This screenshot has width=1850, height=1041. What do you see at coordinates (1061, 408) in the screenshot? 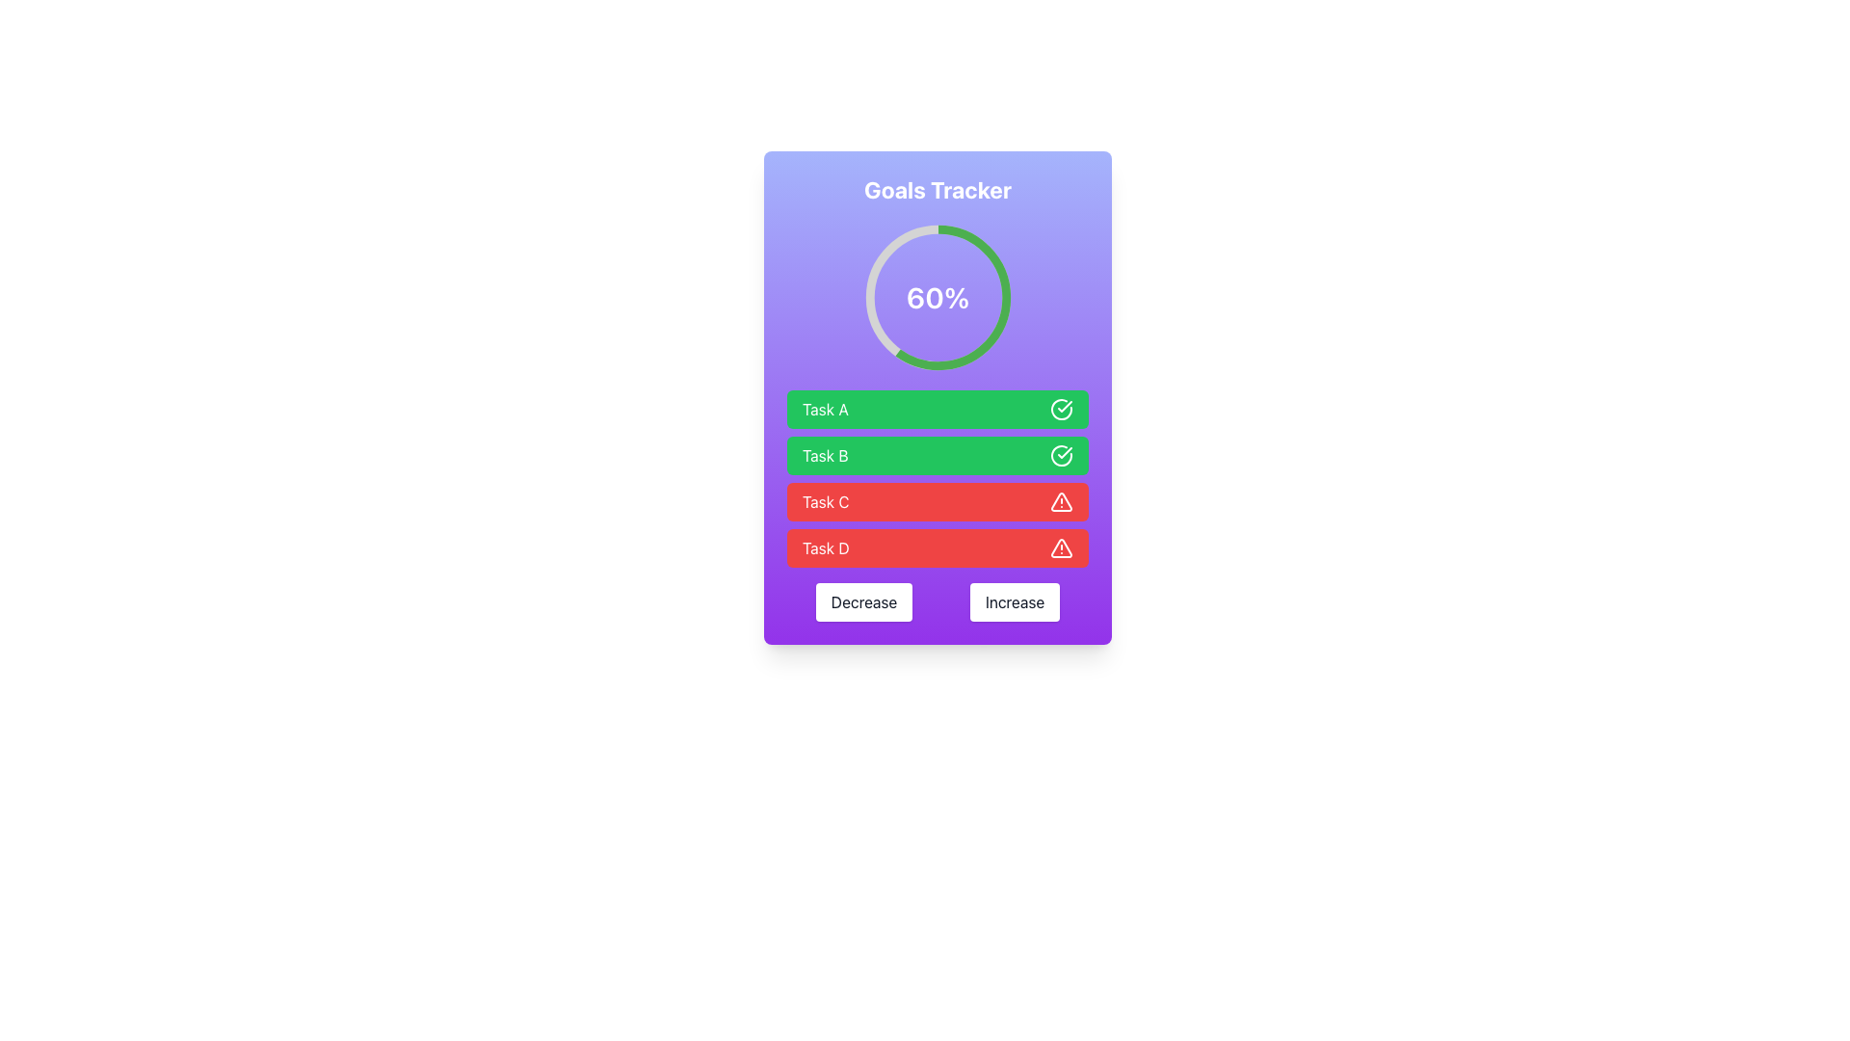
I see `circular checkmark icon located on the right side of the green 'Task A' action item in the vertical task list for developer tools interactions` at bounding box center [1061, 408].